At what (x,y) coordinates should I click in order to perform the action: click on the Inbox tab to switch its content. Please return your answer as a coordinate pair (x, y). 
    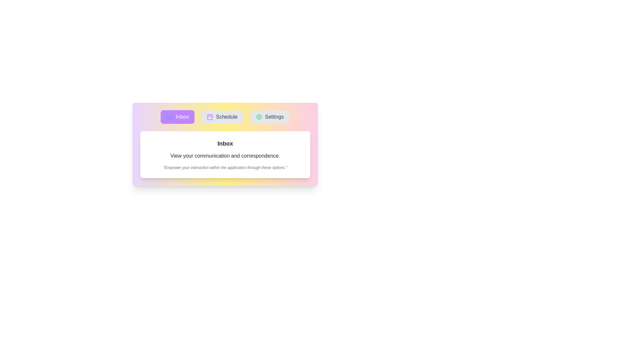
    Looking at the image, I should click on (177, 116).